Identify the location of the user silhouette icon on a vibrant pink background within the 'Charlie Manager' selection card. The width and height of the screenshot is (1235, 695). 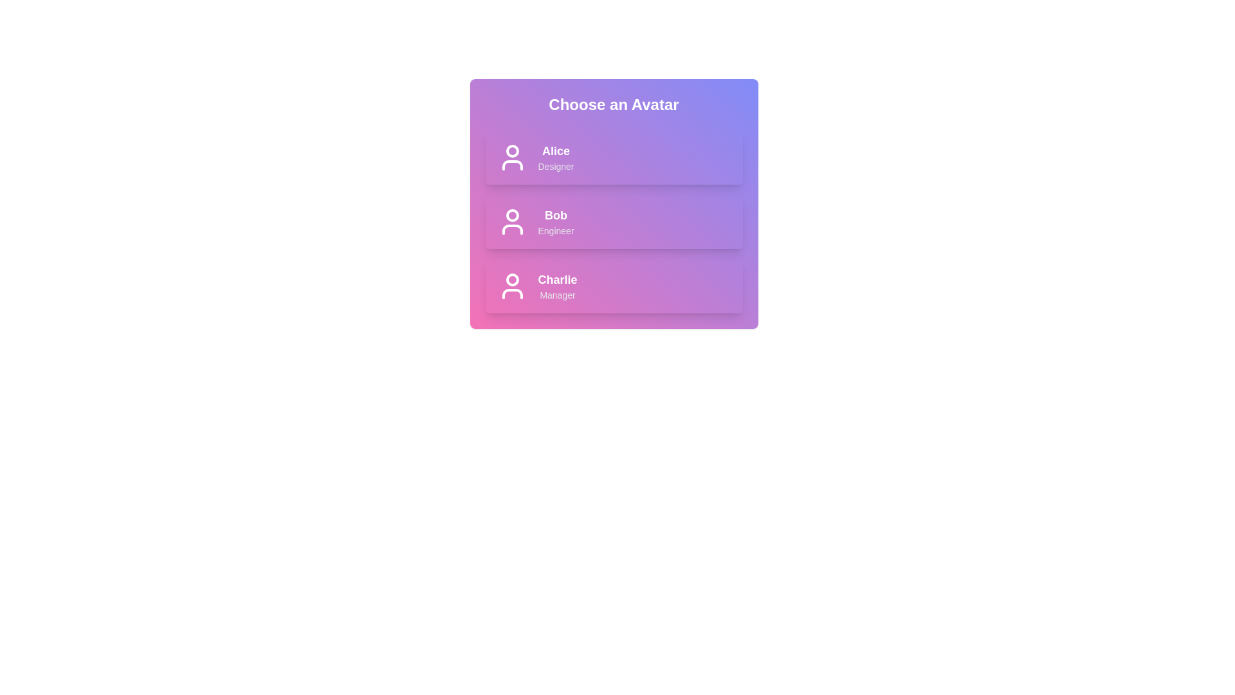
(511, 285).